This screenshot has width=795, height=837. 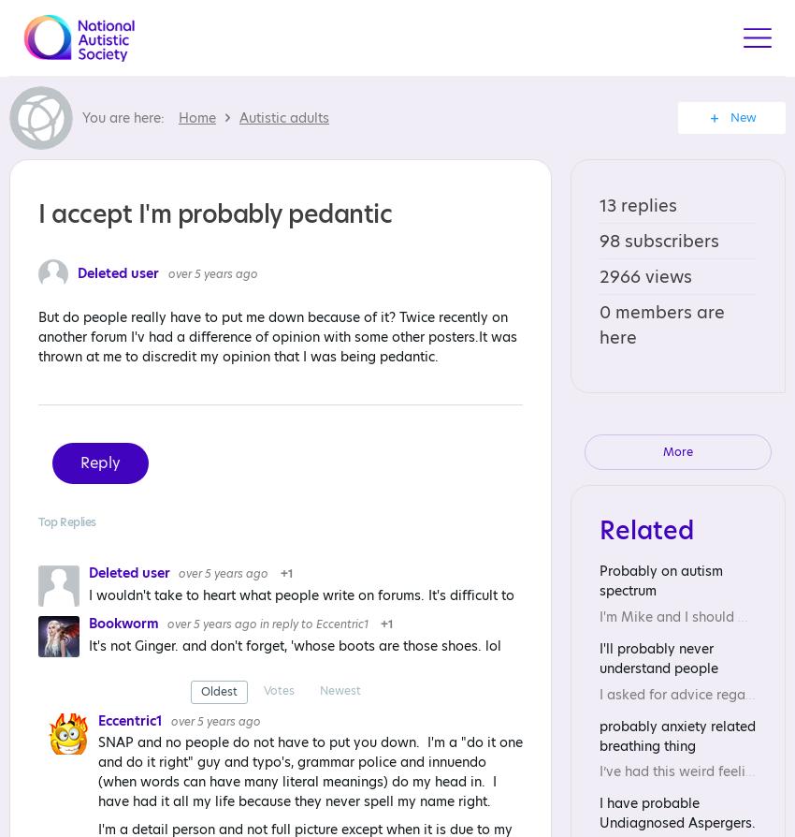 I want to click on 'in reply to', so click(x=259, y=624).